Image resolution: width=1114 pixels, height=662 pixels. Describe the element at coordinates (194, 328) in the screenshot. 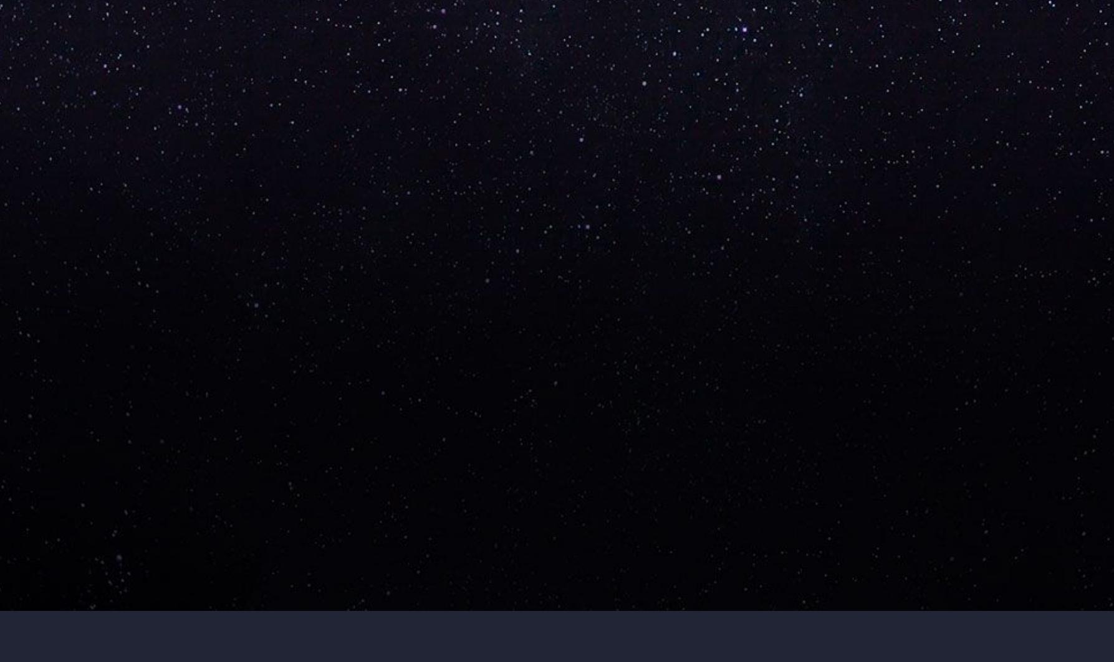

I see `'Blog'` at that location.